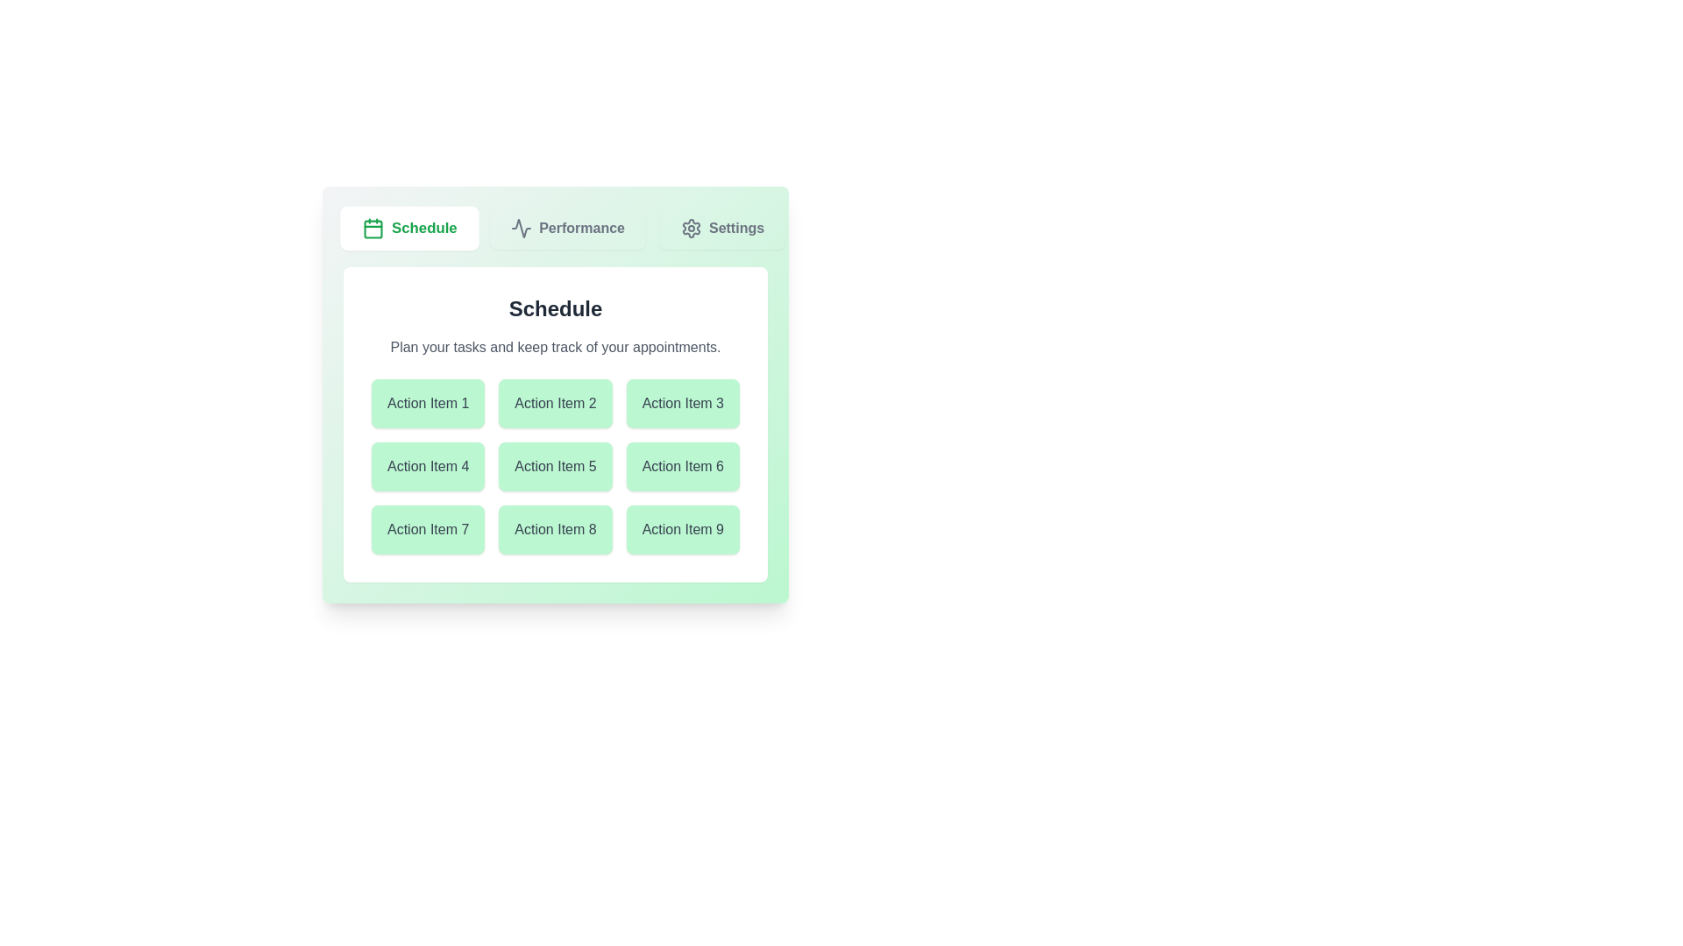 The height and width of the screenshot is (946, 1683). I want to click on the tab labeled Performance to preview its hover effect, so click(568, 228).